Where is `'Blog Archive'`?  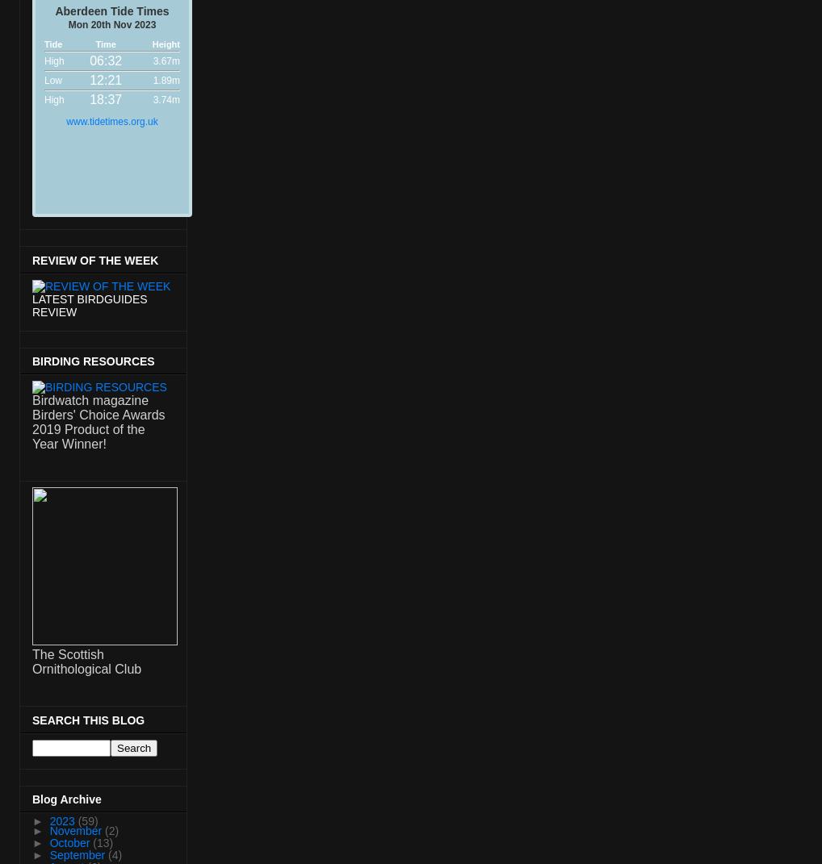
'Blog Archive' is located at coordinates (66, 798).